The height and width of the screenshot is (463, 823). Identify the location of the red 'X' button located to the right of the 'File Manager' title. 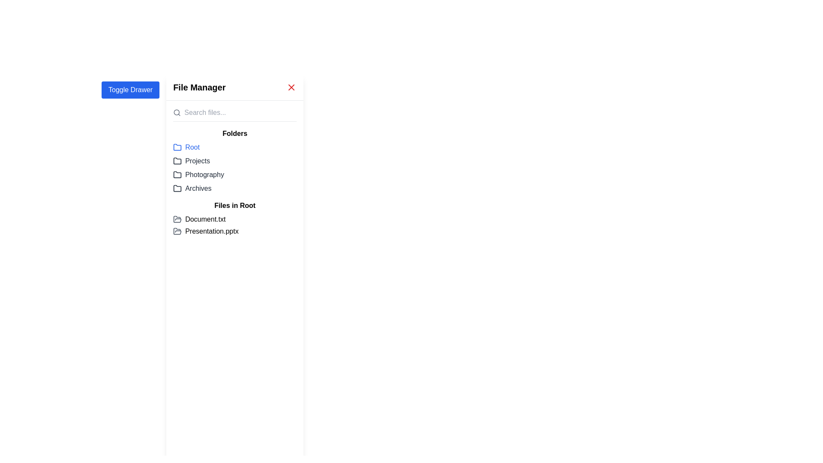
(291, 87).